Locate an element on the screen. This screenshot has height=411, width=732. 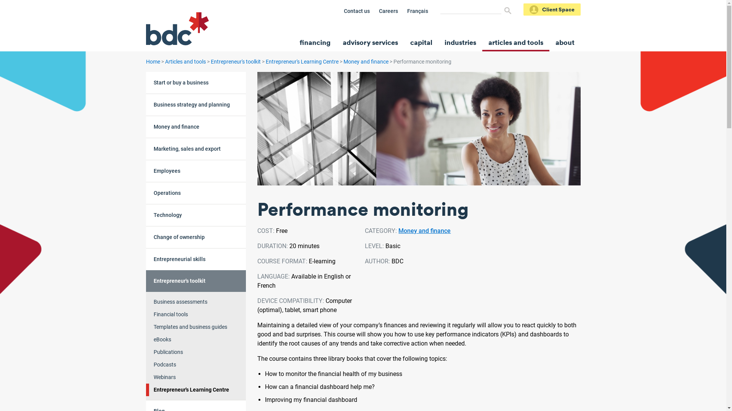
'Business assessments' is located at coordinates (196, 301).